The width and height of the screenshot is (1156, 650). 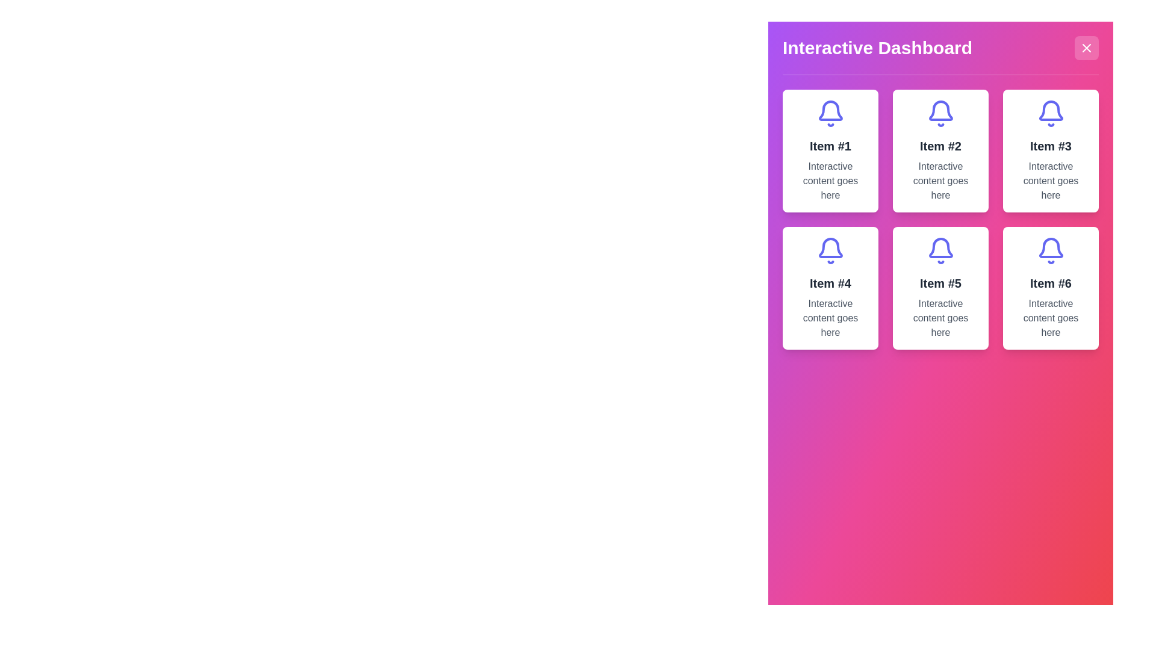 I want to click on the informational card displaying 'Item #4' located in the second row, first column of the grid layout, so click(x=830, y=288).